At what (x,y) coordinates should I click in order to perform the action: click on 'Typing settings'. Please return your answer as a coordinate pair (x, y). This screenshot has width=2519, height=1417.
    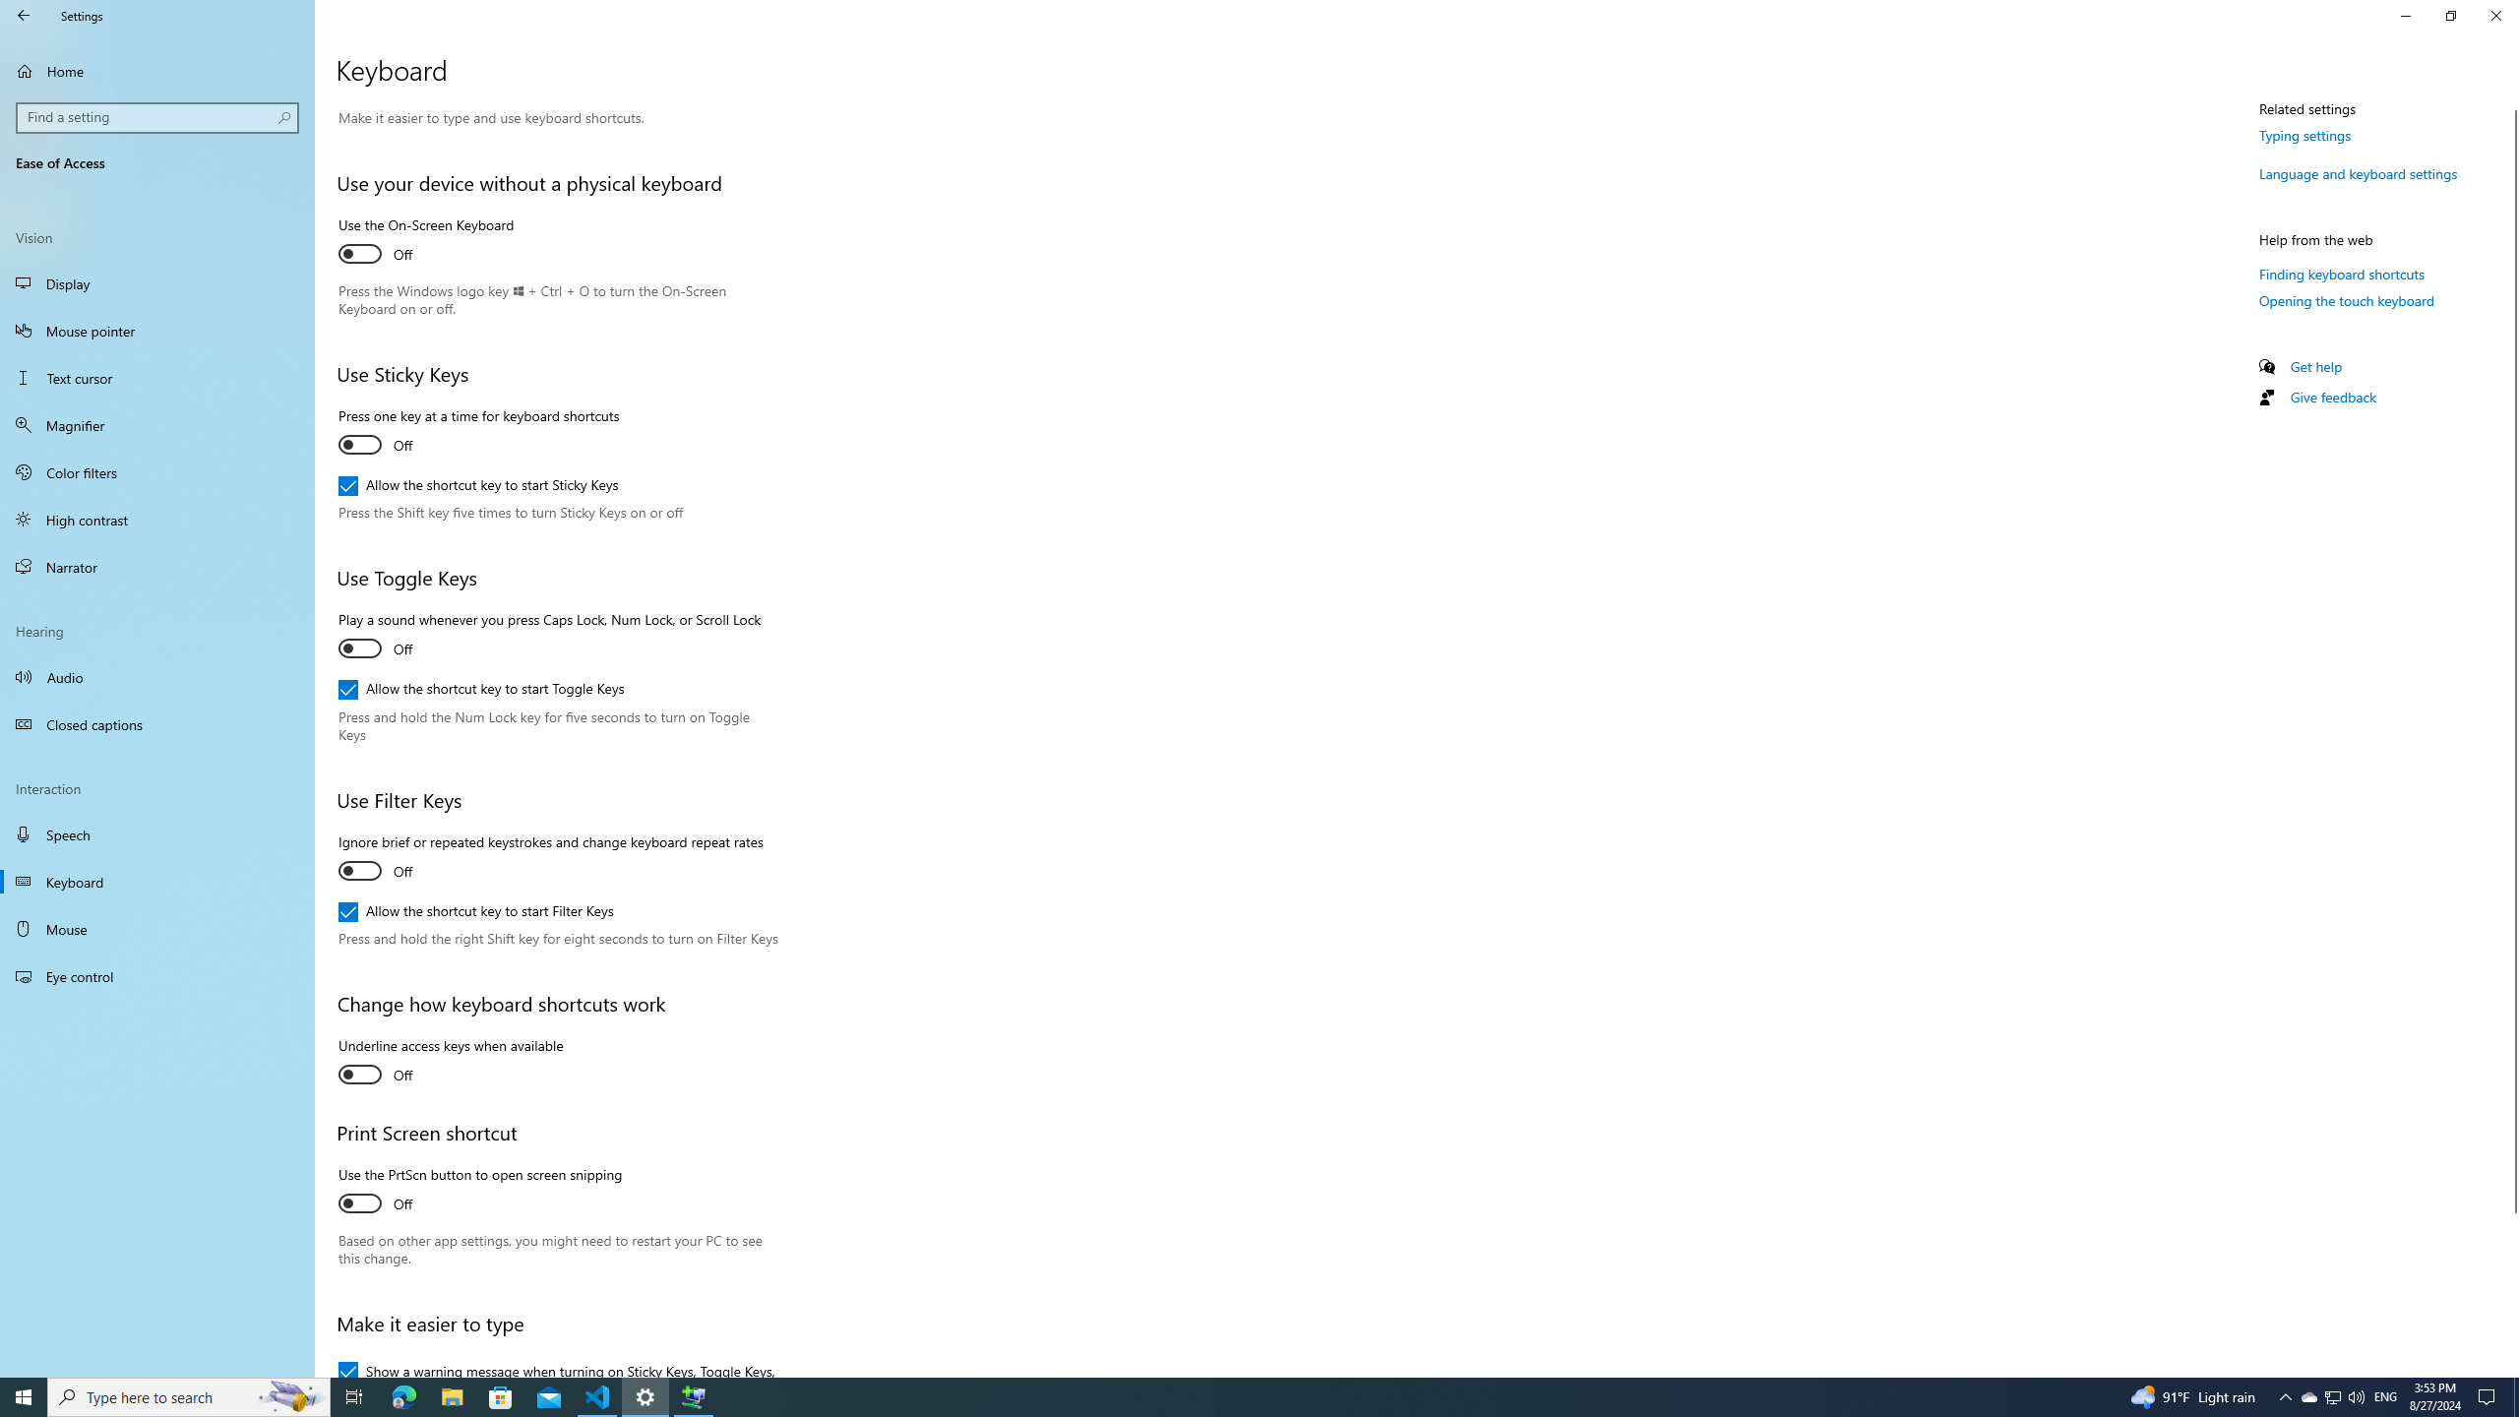
    Looking at the image, I should click on (2305, 135).